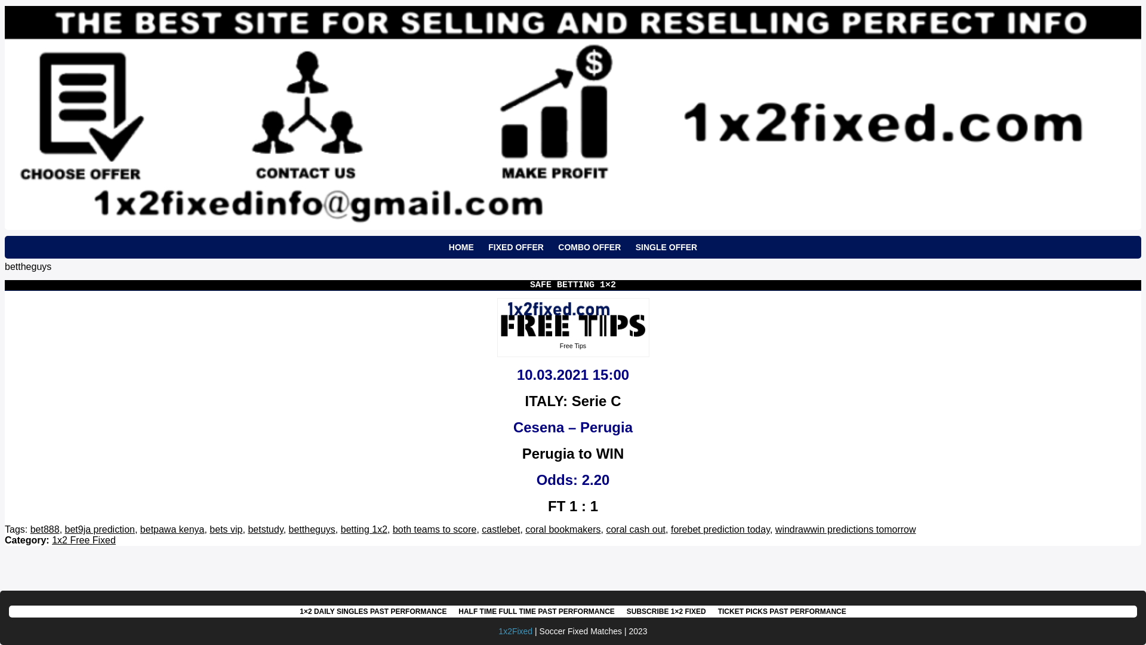  What do you see at coordinates (782, 611) in the screenshot?
I see `'TICKET PICKS PAST PERFORMANCE'` at bounding box center [782, 611].